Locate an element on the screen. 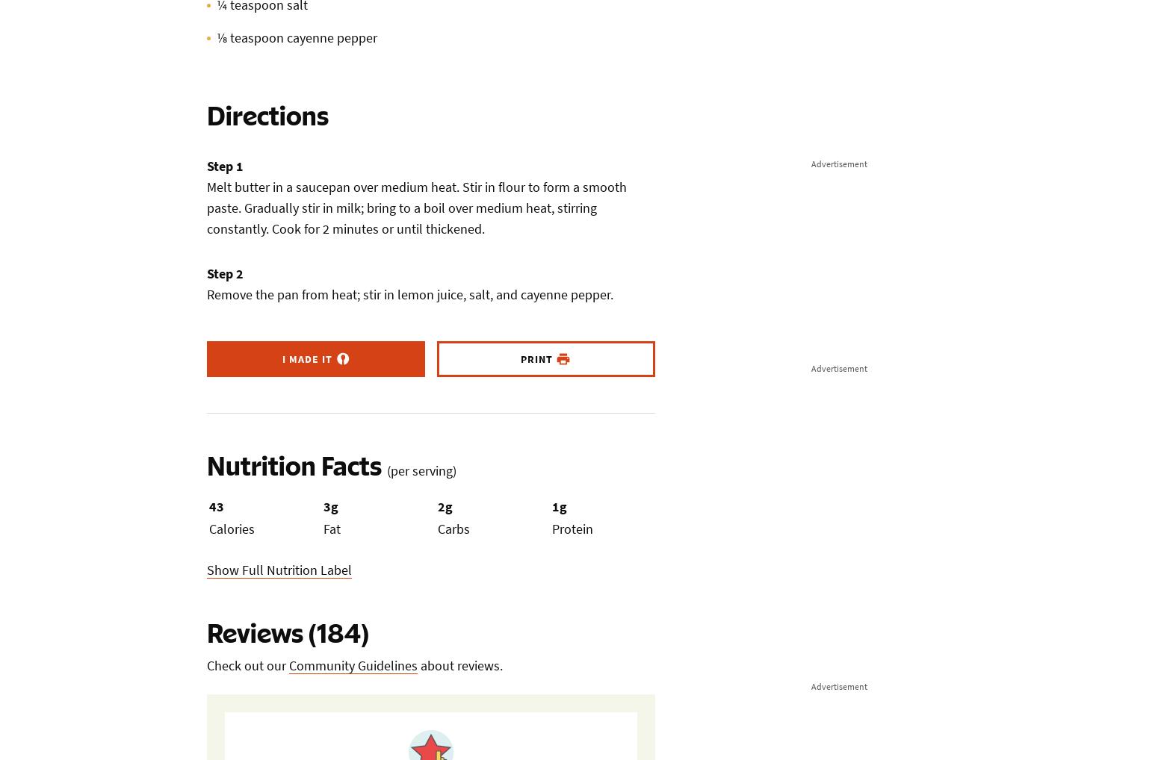 The width and height of the screenshot is (1158, 760). '1g' is located at coordinates (559, 506).